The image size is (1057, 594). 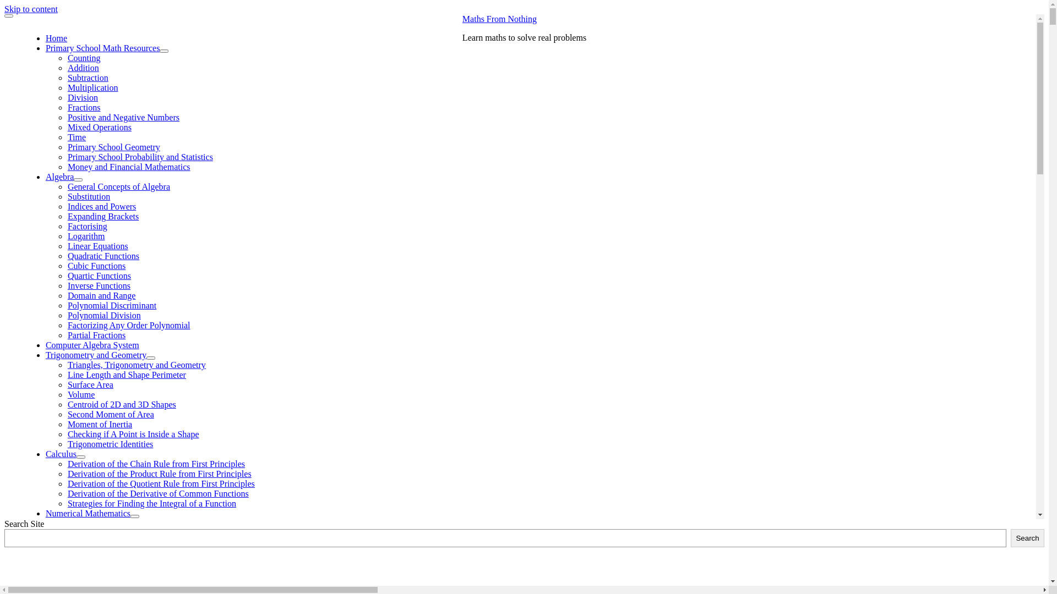 What do you see at coordinates (84, 107) in the screenshot?
I see `'Fractions'` at bounding box center [84, 107].